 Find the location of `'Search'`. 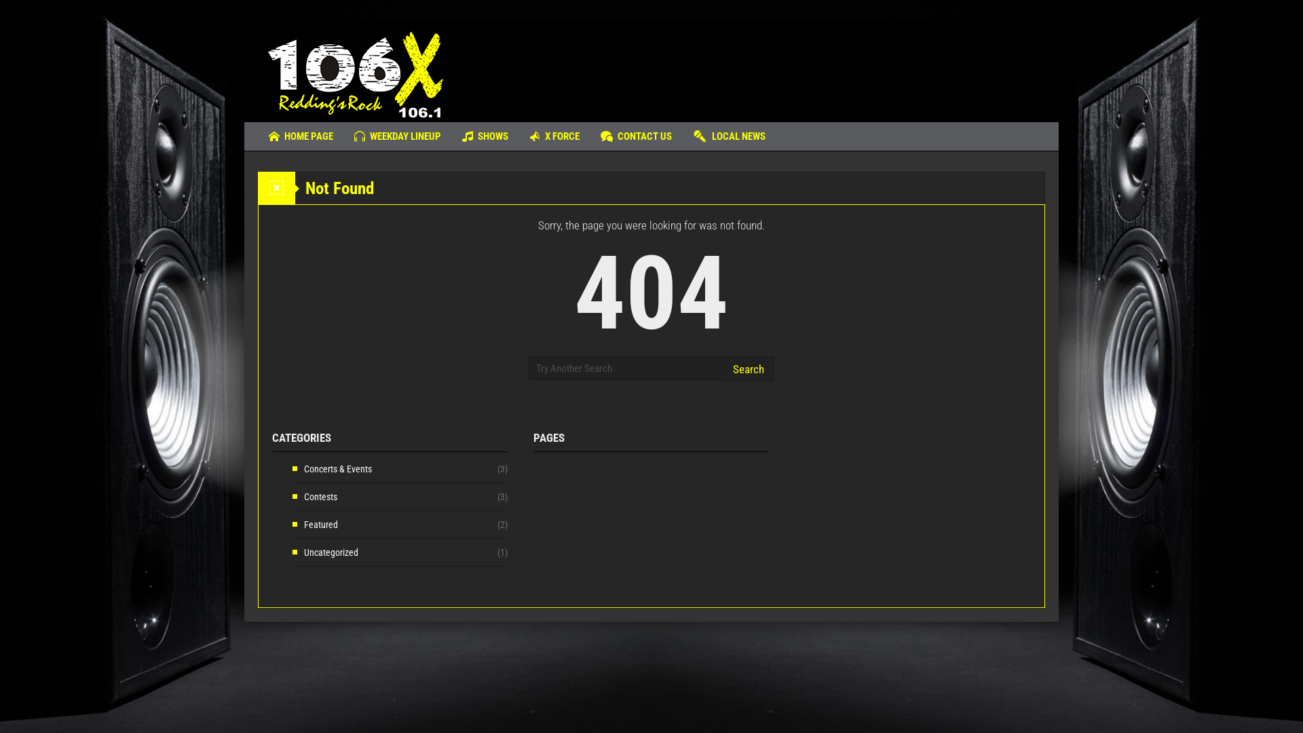

'Search' is located at coordinates (747, 369).